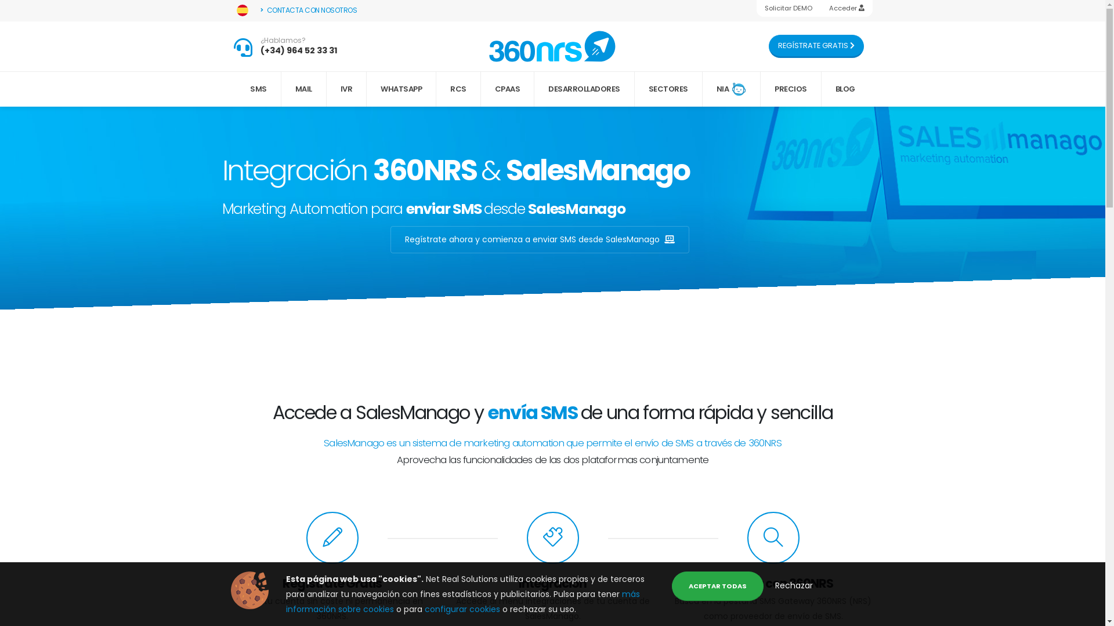  What do you see at coordinates (584, 89) in the screenshot?
I see `'DESARROLLADORES'` at bounding box center [584, 89].